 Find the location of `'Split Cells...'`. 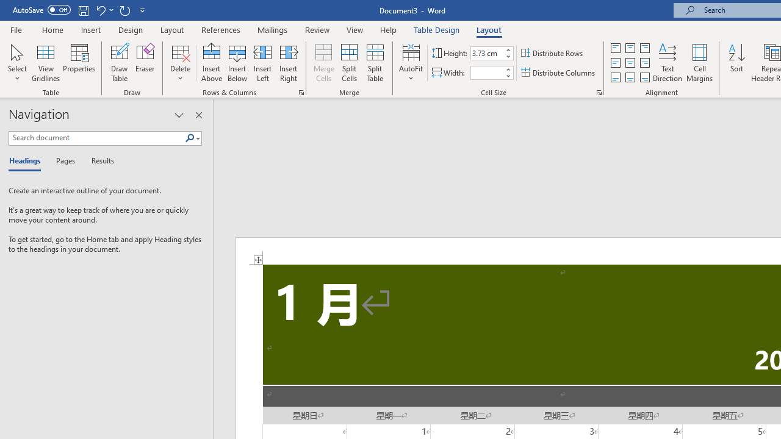

'Split Cells...' is located at coordinates (348, 63).